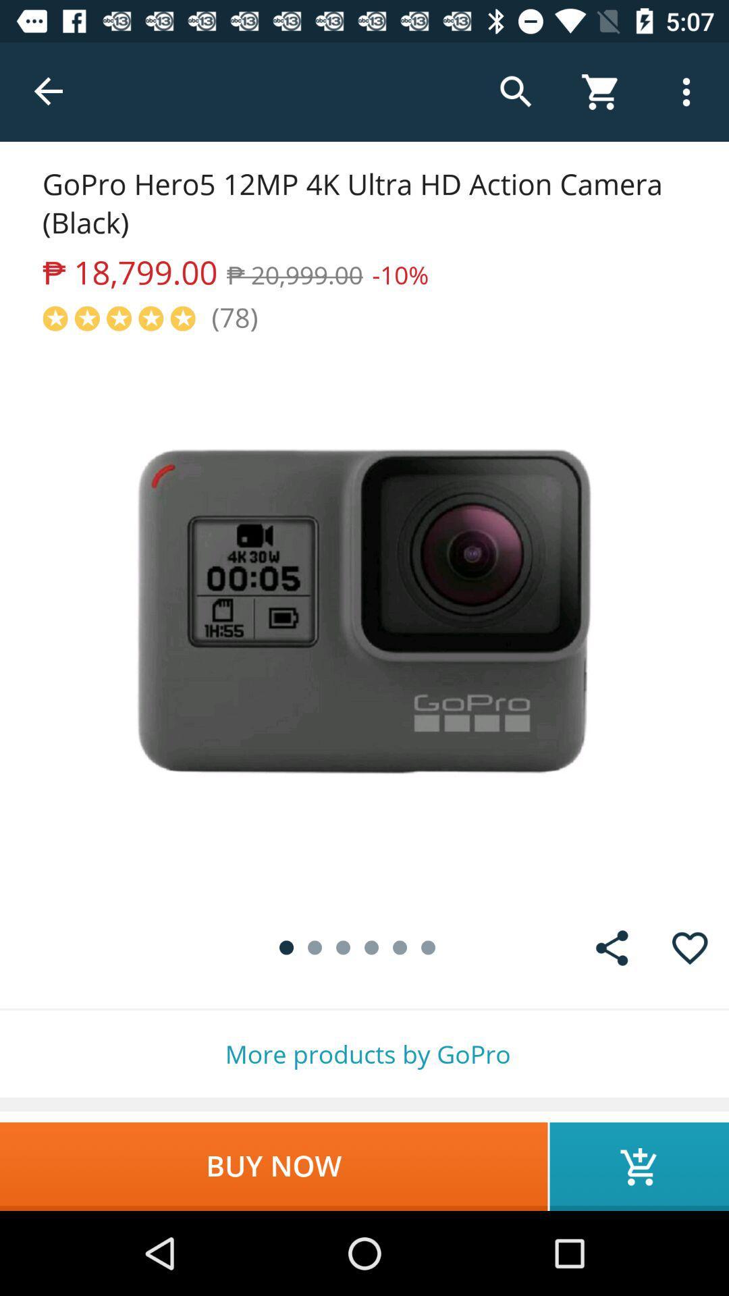 The width and height of the screenshot is (729, 1296). Describe the element at coordinates (612, 947) in the screenshot. I see `item above the more products by icon` at that location.